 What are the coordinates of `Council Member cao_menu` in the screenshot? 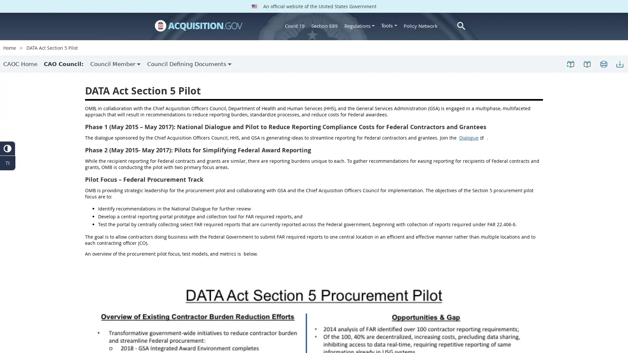 It's located at (115, 64).